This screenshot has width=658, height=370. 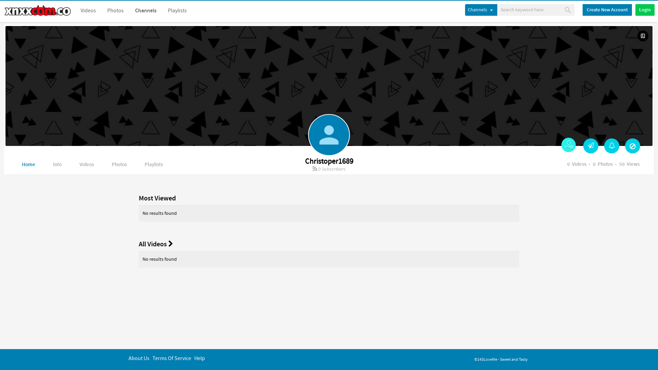 What do you see at coordinates (172, 358) in the screenshot?
I see `'Terms Of Service'` at bounding box center [172, 358].